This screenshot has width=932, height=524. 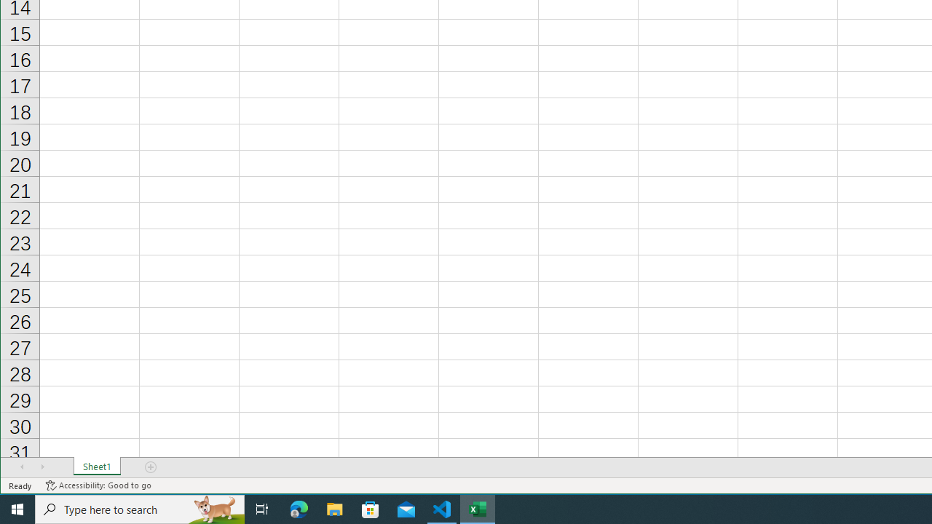 I want to click on 'Visual Studio Code - 1 running window', so click(x=441, y=508).